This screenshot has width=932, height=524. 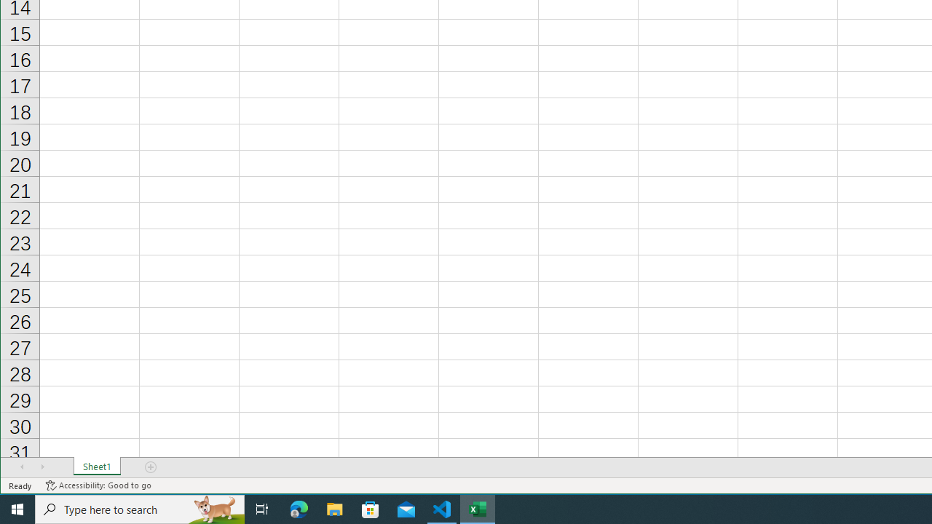 I want to click on 'Visual Studio Code - 1 running window', so click(x=441, y=508).